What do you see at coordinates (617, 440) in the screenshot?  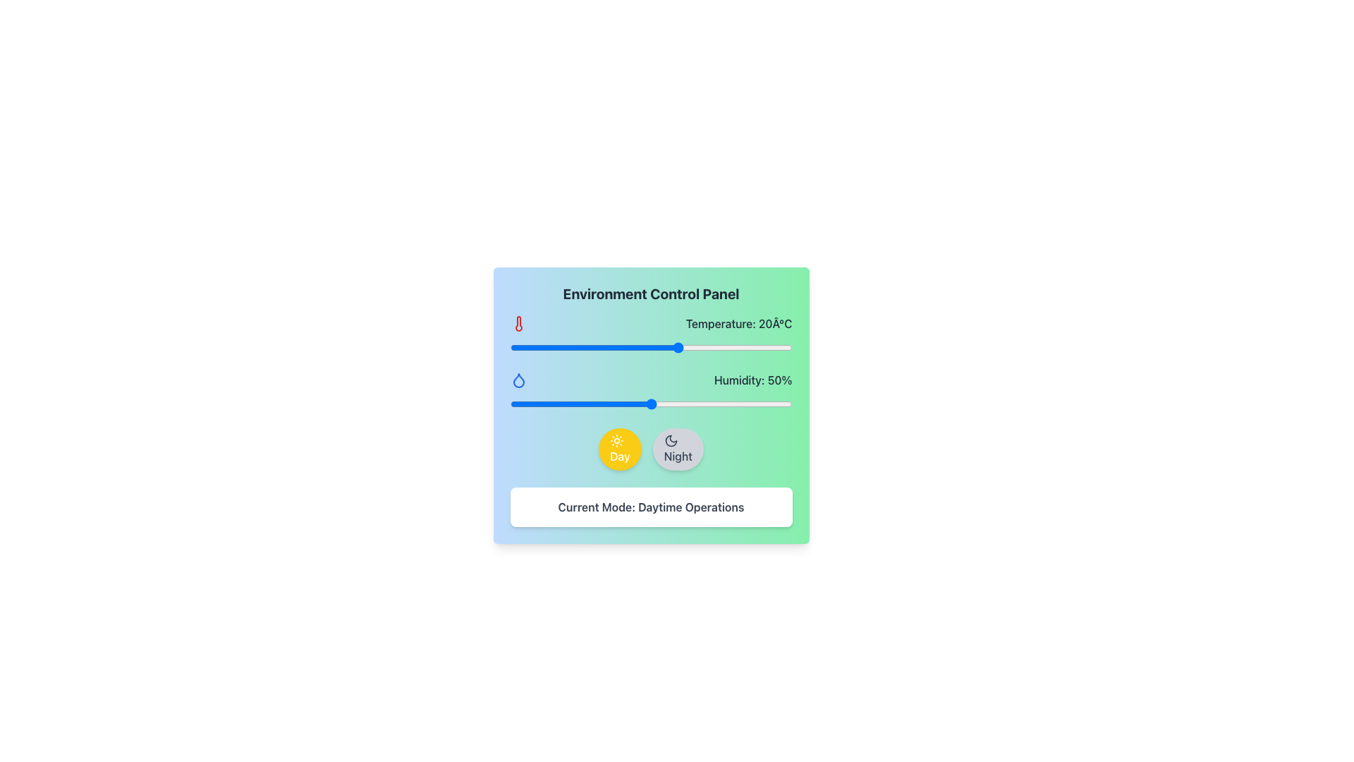 I see `the sun icon in the 'Day' button` at bounding box center [617, 440].